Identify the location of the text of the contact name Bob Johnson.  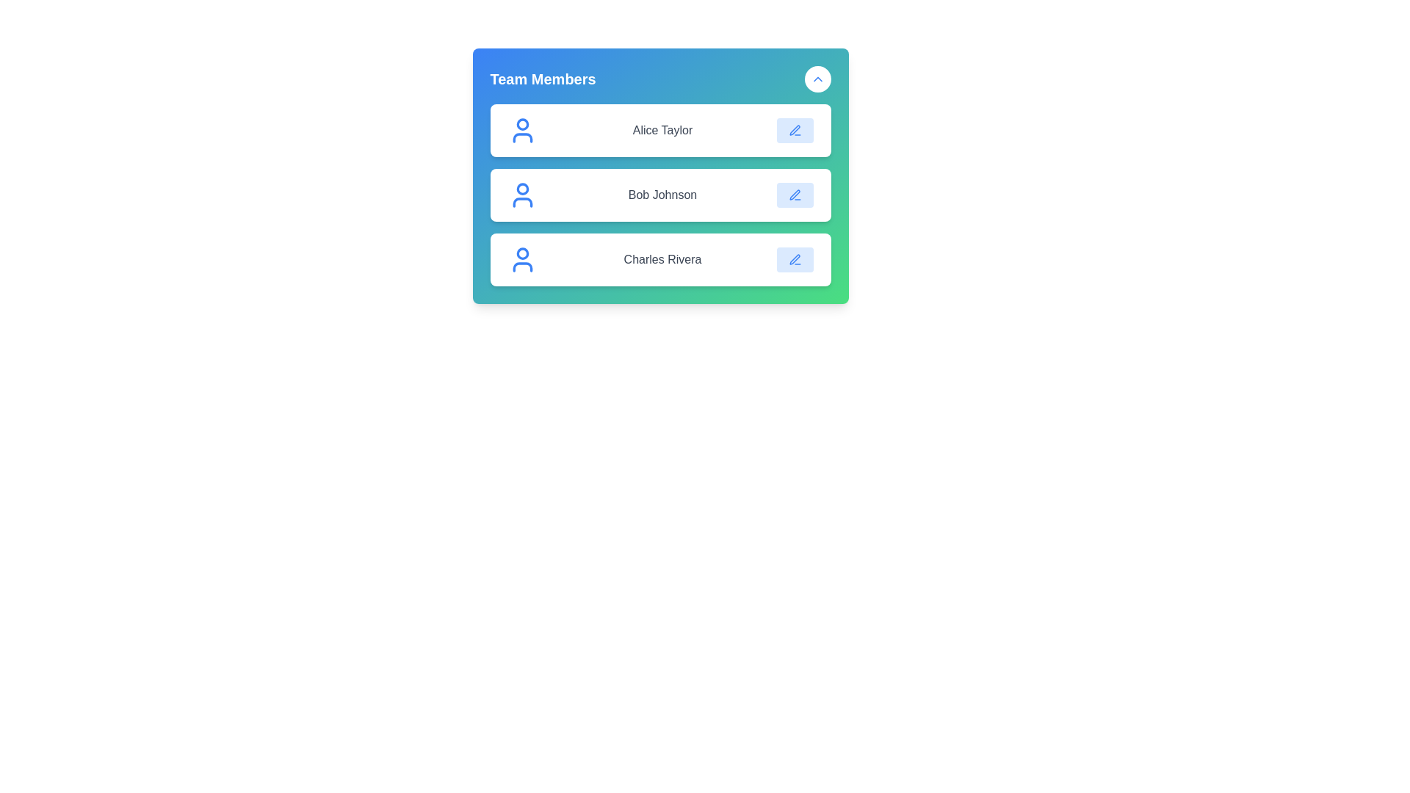
(662, 195).